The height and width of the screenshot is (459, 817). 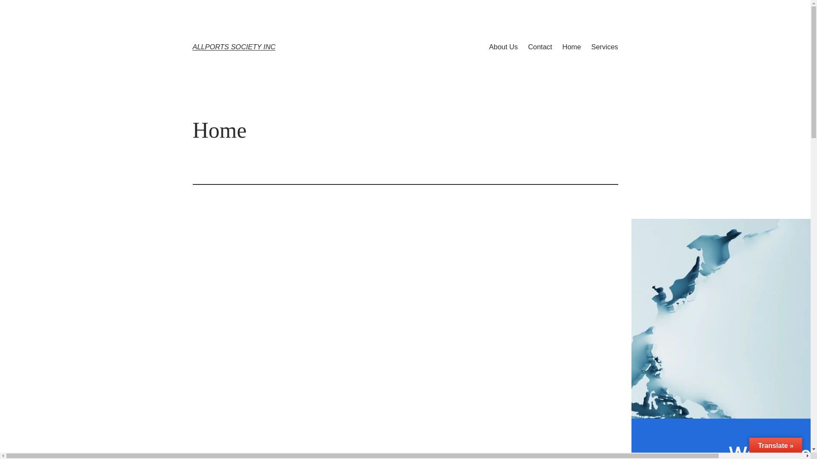 I want to click on 'Services', so click(x=590, y=47).